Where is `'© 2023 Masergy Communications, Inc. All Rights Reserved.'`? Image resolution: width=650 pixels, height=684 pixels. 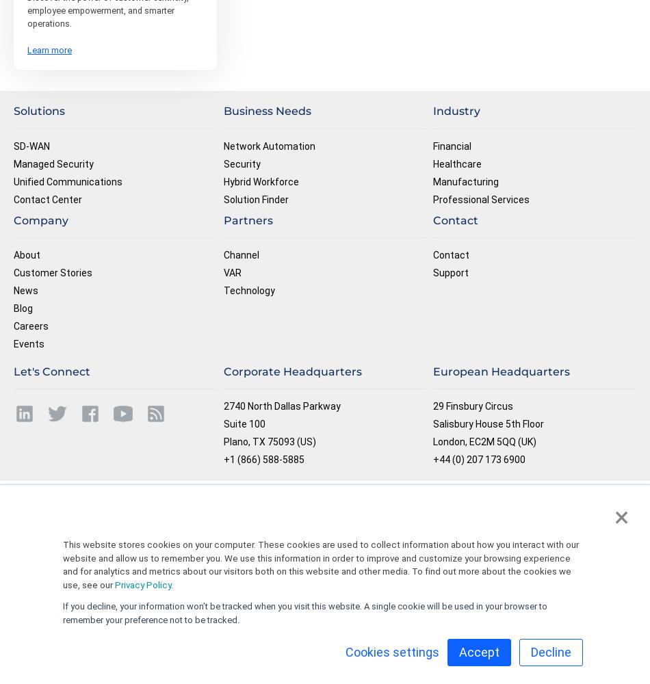 '© 2023 Masergy Communications, Inc. All Rights Reserved.' is located at coordinates (543, 499).